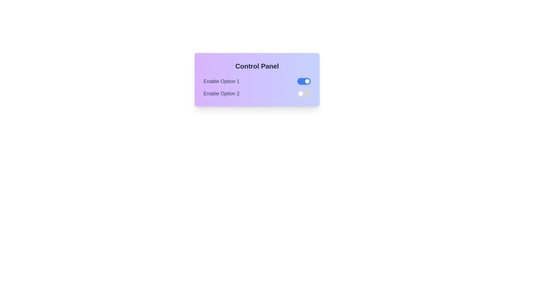  I want to click on the toggle switch to the right of 'Enable Option 2' in the 'Control Panel', so click(304, 93).